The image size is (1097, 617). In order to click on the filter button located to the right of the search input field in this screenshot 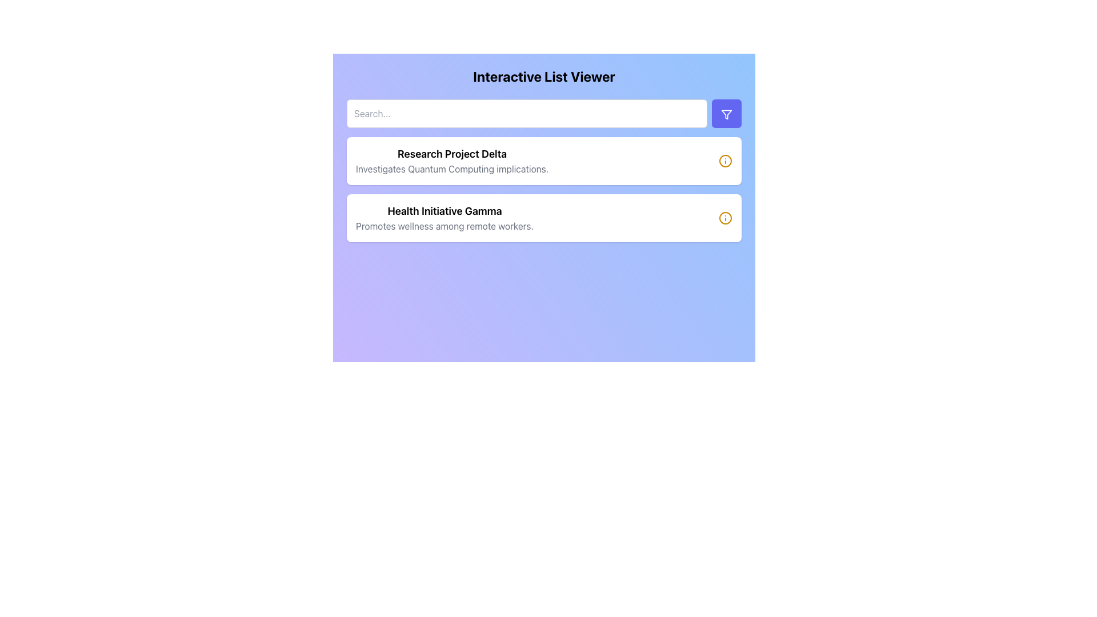, I will do `click(726, 114)`.